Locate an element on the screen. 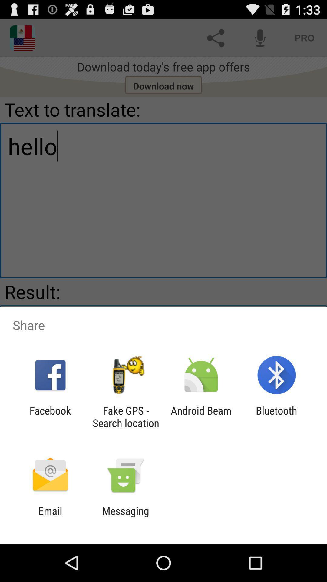  app next to fake gps search item is located at coordinates (201, 416).